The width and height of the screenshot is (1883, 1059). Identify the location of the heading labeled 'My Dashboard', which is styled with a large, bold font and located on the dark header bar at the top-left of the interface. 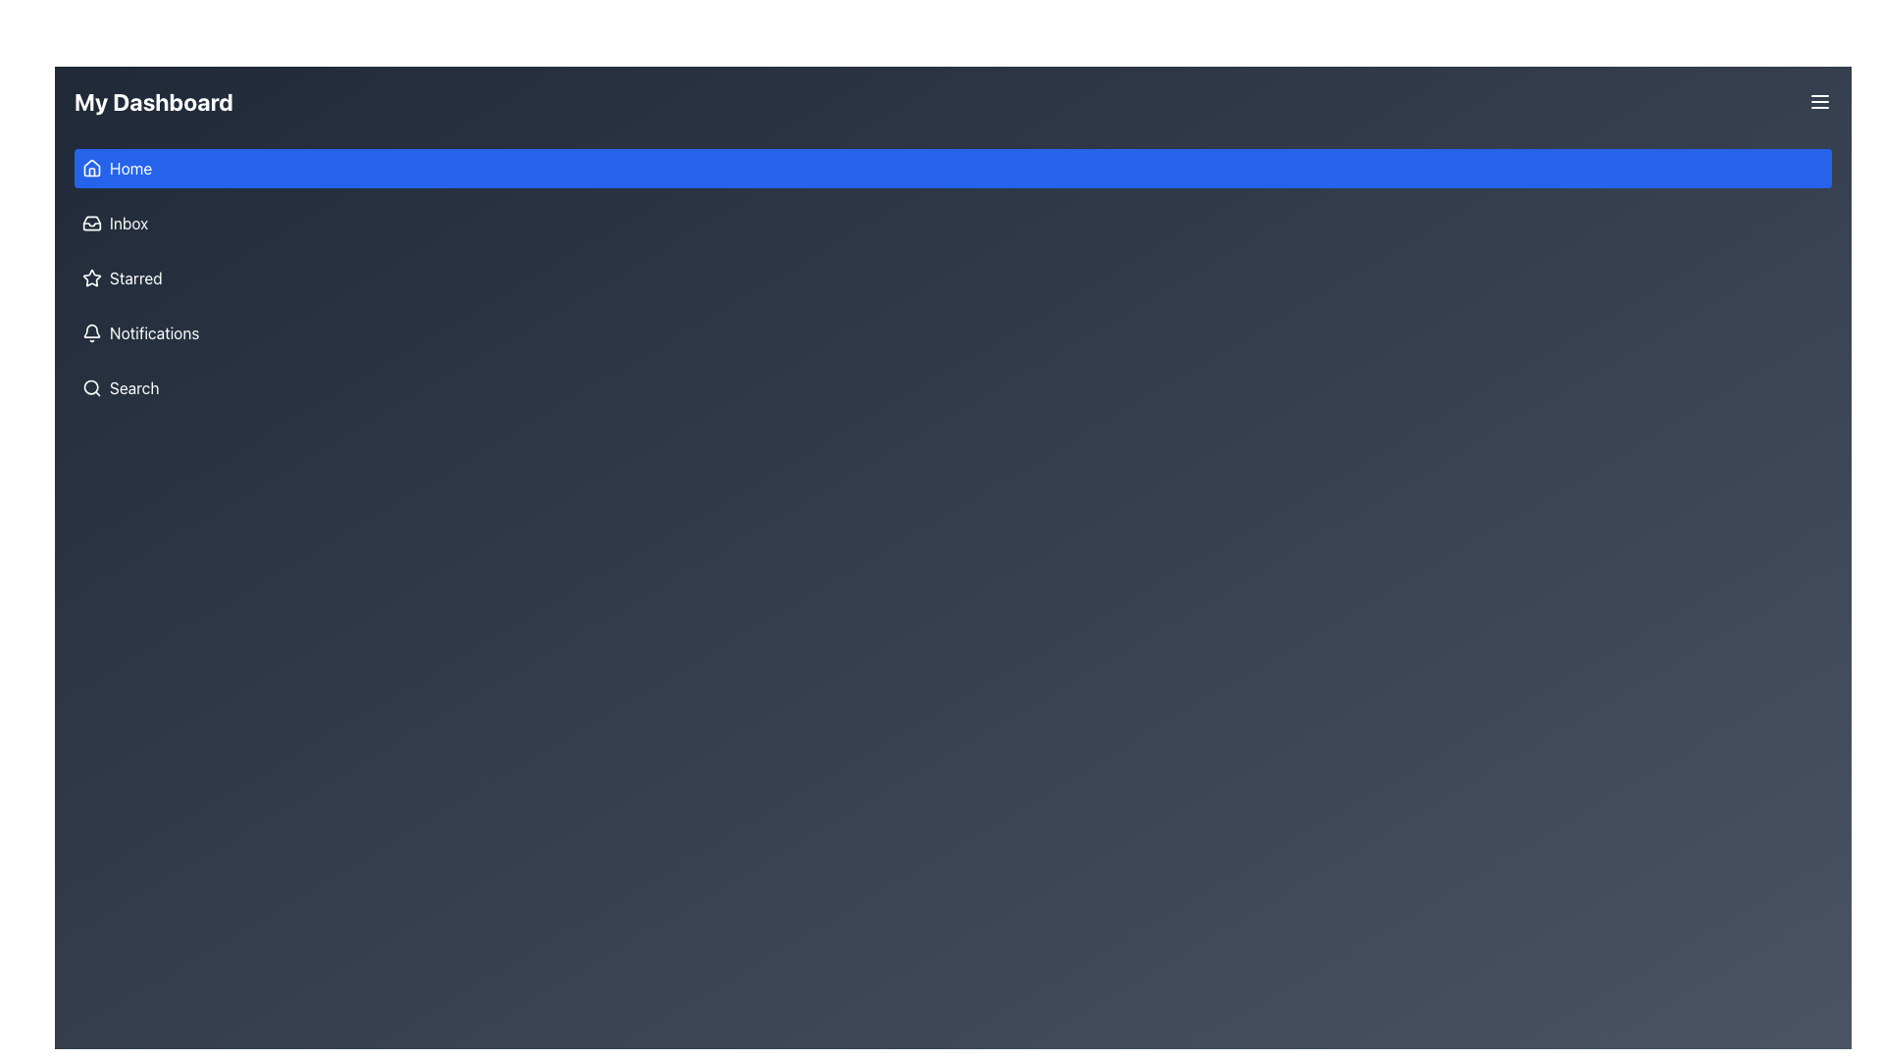
(153, 102).